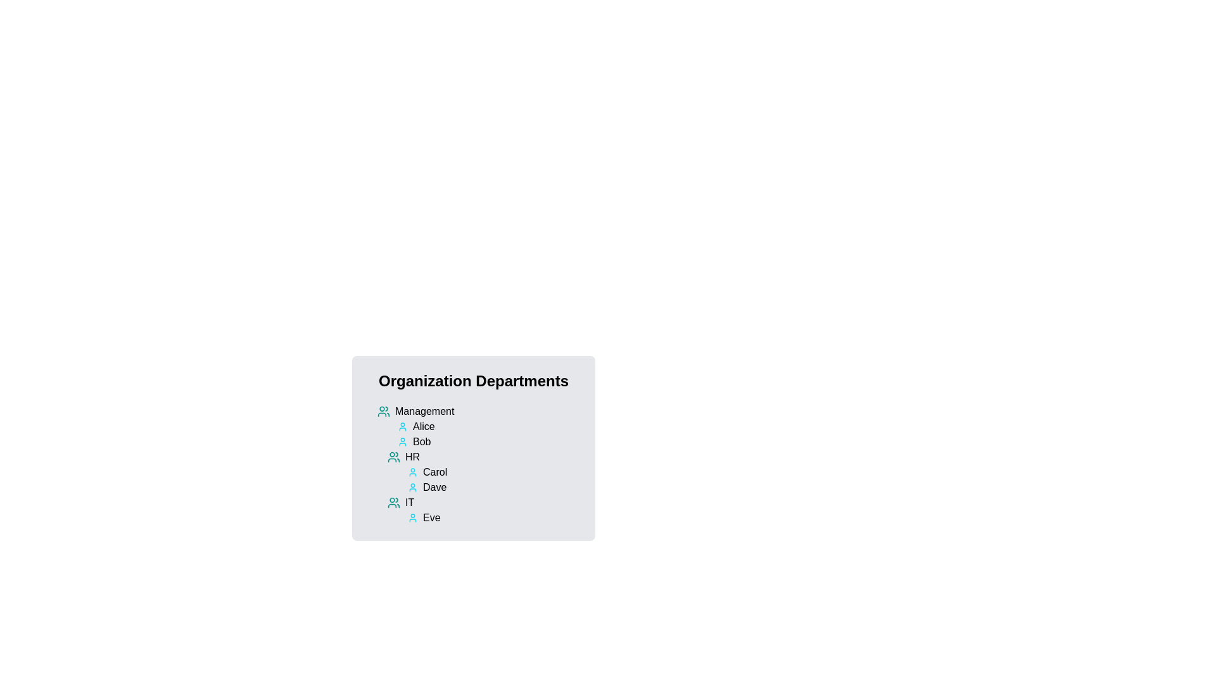  Describe the element at coordinates (435, 472) in the screenshot. I see `the text item 'Carol' which is the third item in the list under the 'HR' category in the 'Organization Departments' section` at that location.